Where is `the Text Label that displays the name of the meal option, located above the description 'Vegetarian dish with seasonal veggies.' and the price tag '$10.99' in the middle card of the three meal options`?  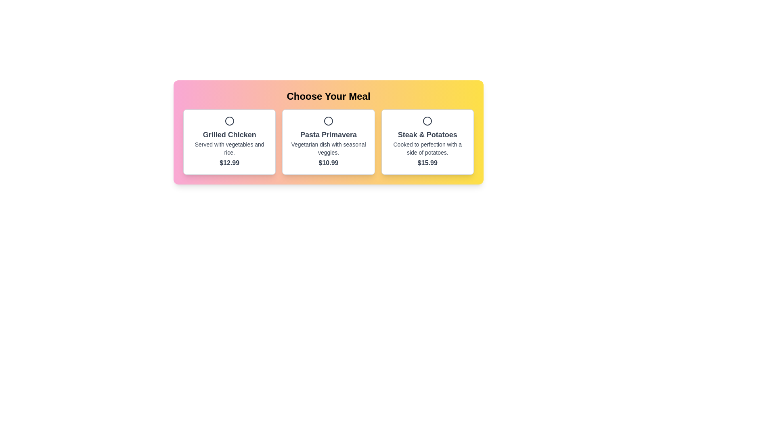
the Text Label that displays the name of the meal option, located above the description 'Vegetarian dish with seasonal veggies.' and the price tag '$10.99' in the middle card of the three meal options is located at coordinates (329, 134).